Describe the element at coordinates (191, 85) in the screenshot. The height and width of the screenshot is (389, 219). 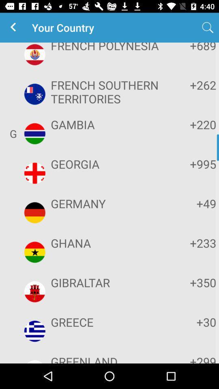
I see `+262` at that location.